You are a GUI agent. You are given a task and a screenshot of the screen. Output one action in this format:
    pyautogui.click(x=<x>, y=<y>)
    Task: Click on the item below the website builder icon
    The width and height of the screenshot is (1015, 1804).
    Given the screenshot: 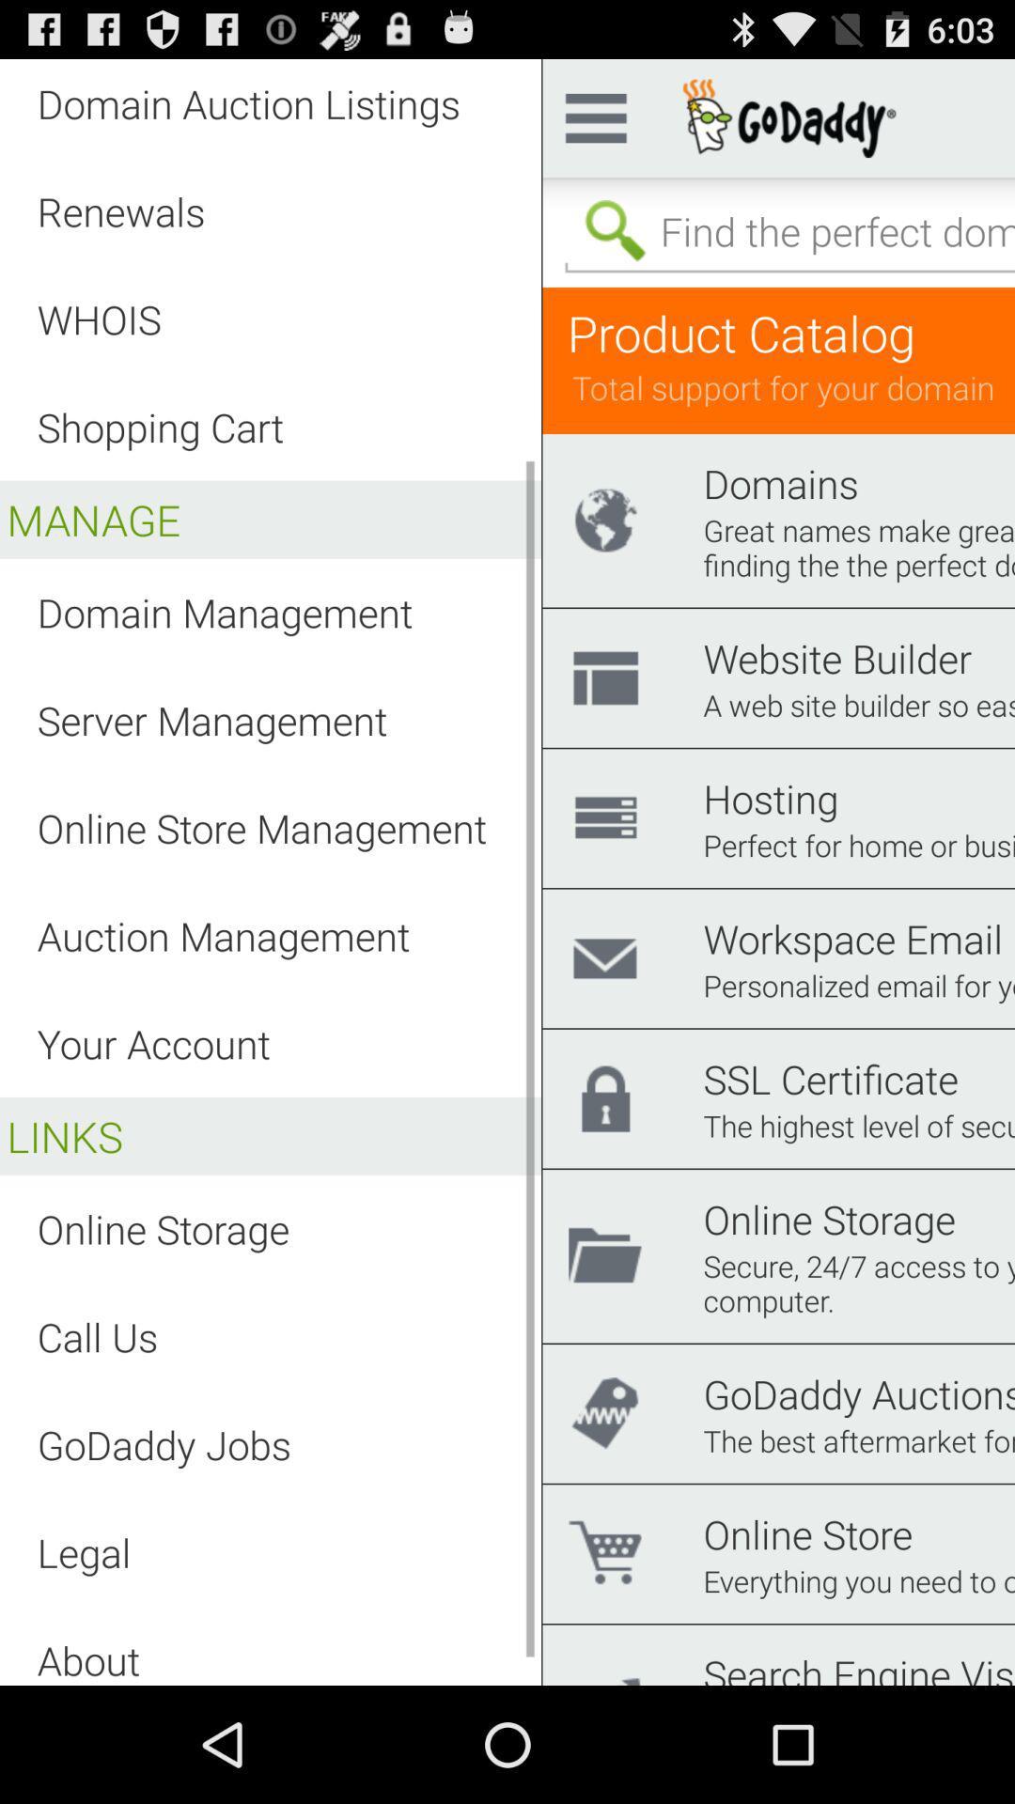 What is the action you would take?
    pyautogui.click(x=859, y=704)
    